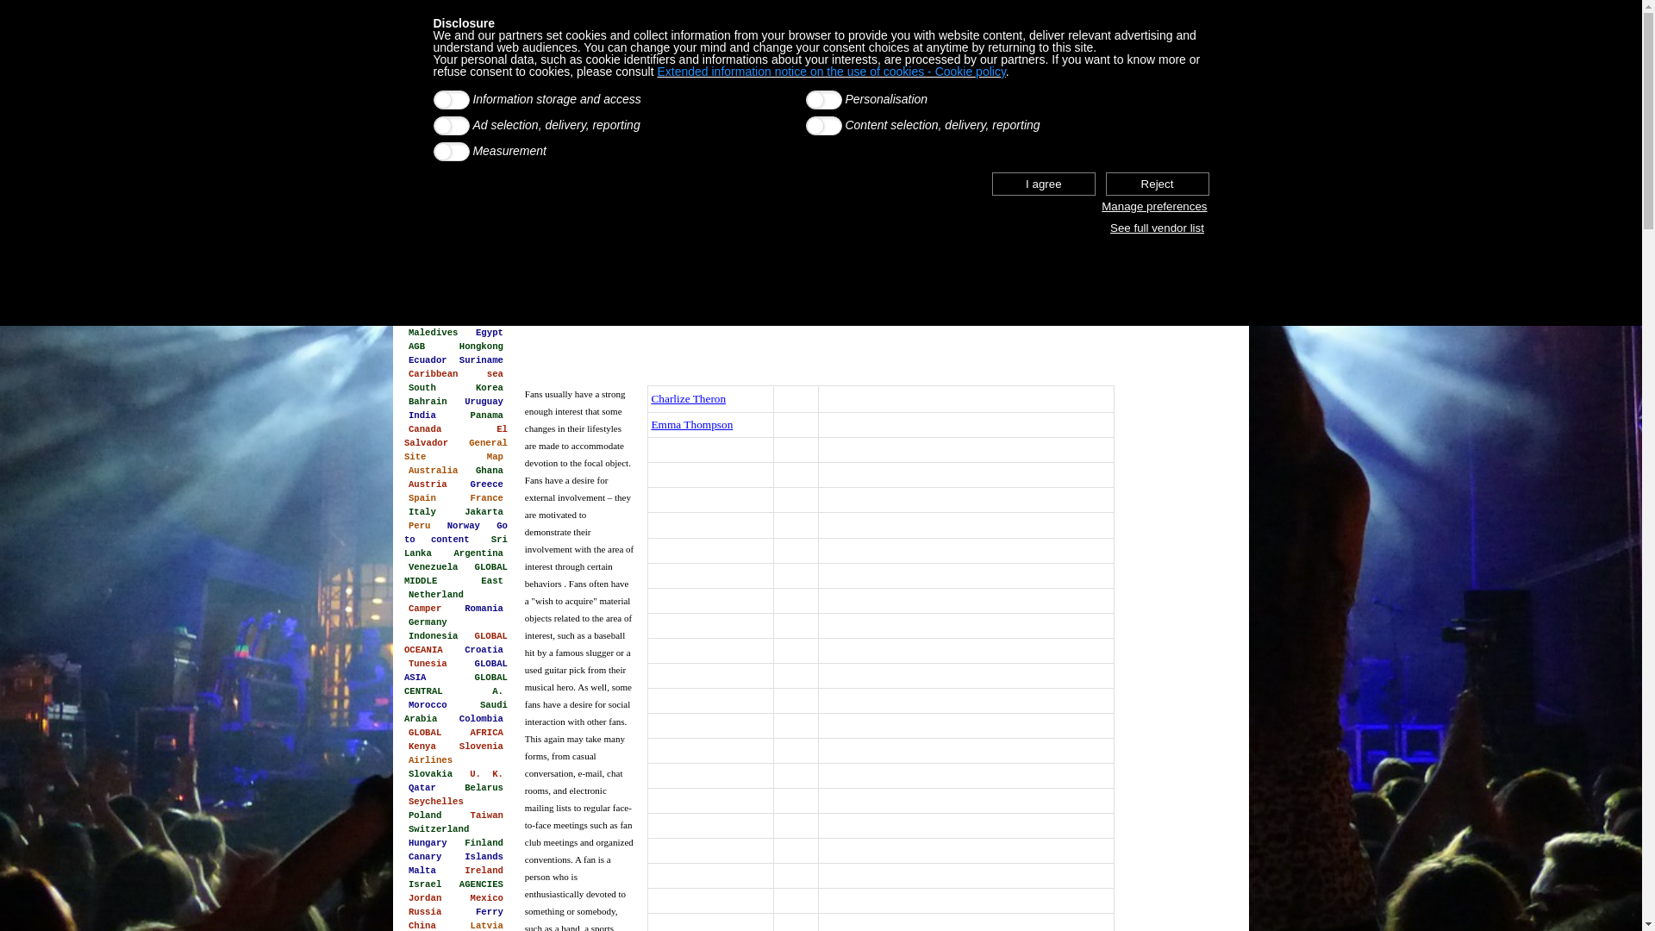 Image resolution: width=1655 pixels, height=931 pixels. Describe the element at coordinates (434, 332) in the screenshot. I see `'Maledives'` at that location.